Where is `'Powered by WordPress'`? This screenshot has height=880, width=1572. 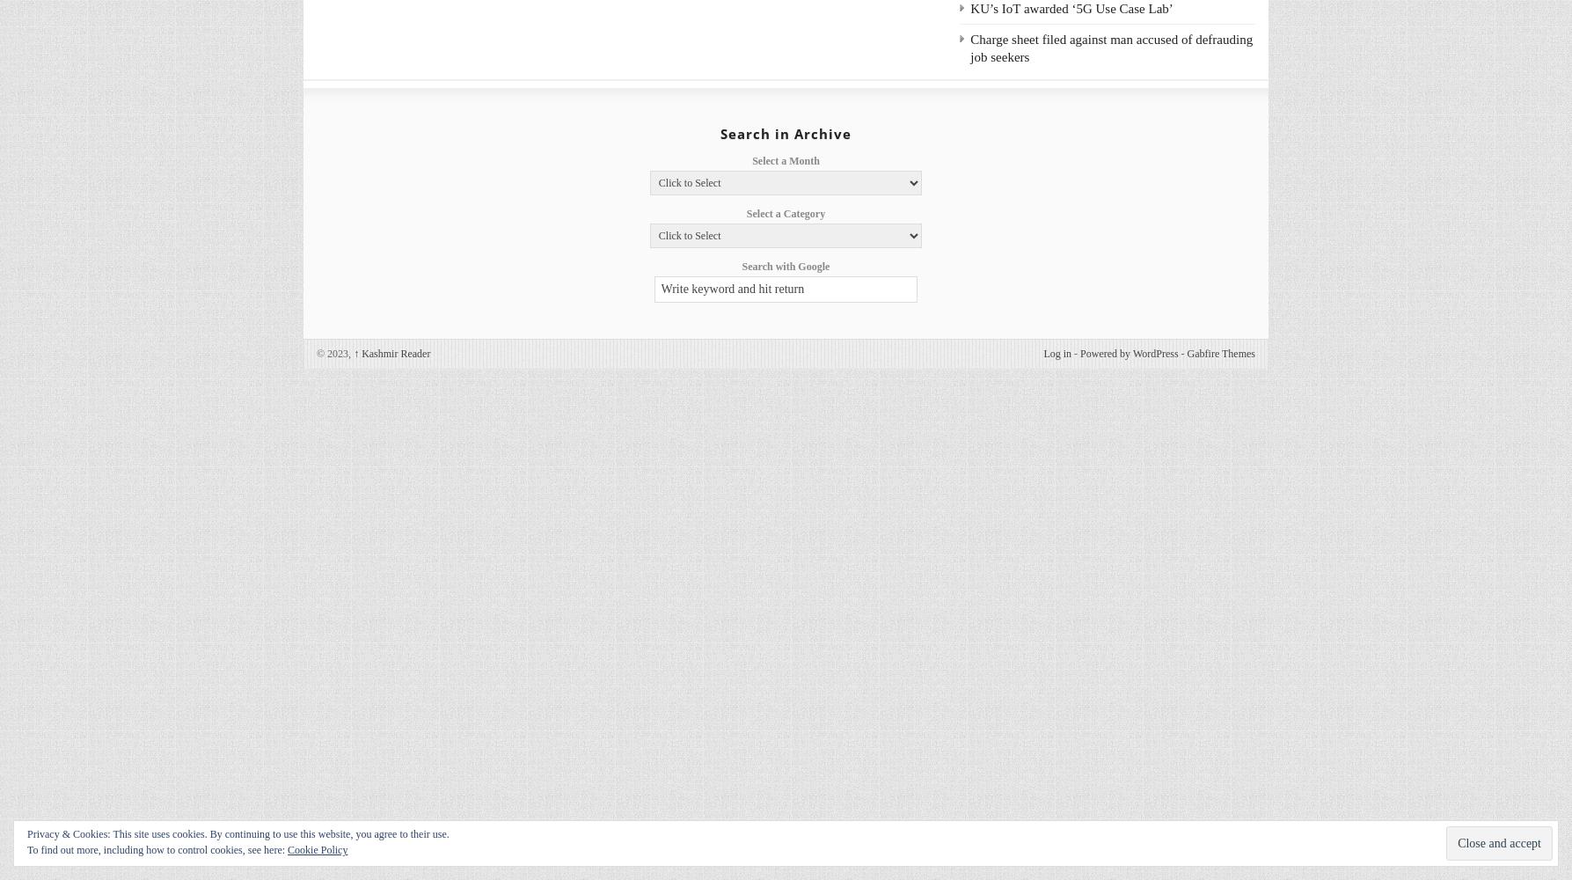 'Powered by WordPress' is located at coordinates (1080, 354).